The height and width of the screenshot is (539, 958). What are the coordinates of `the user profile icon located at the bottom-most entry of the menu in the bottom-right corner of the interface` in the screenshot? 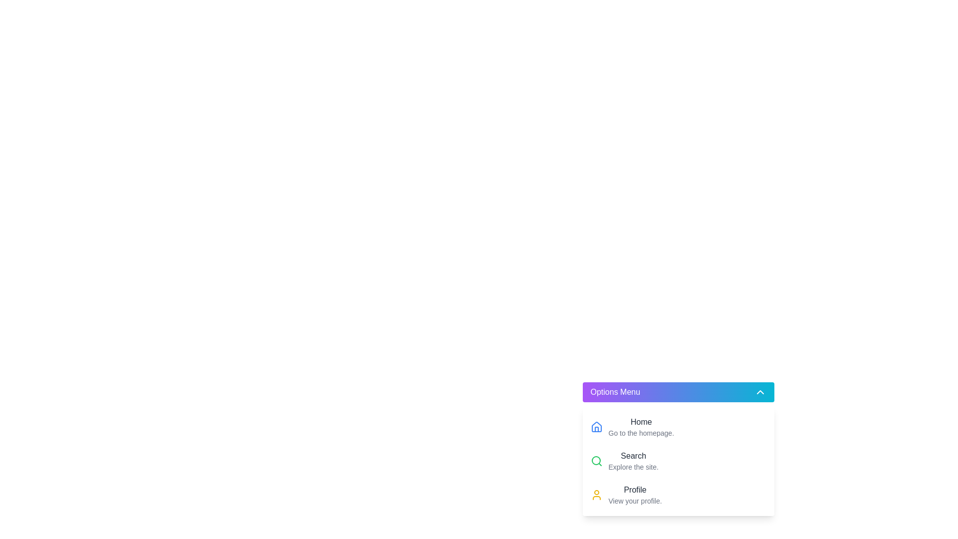 It's located at (596, 495).